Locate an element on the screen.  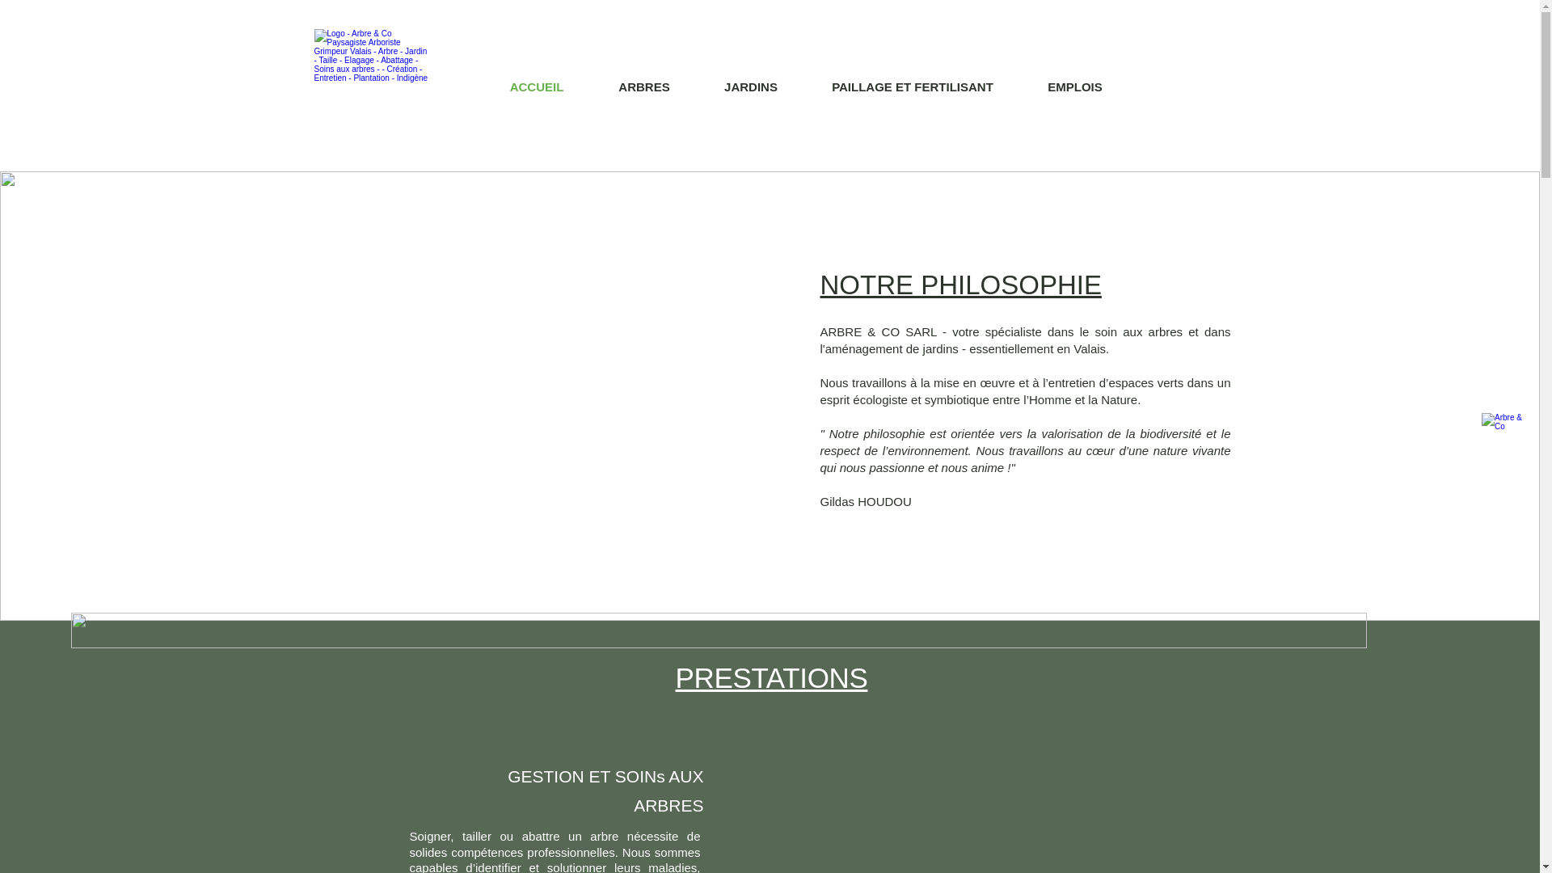
'ARBRES' is located at coordinates (643, 86).